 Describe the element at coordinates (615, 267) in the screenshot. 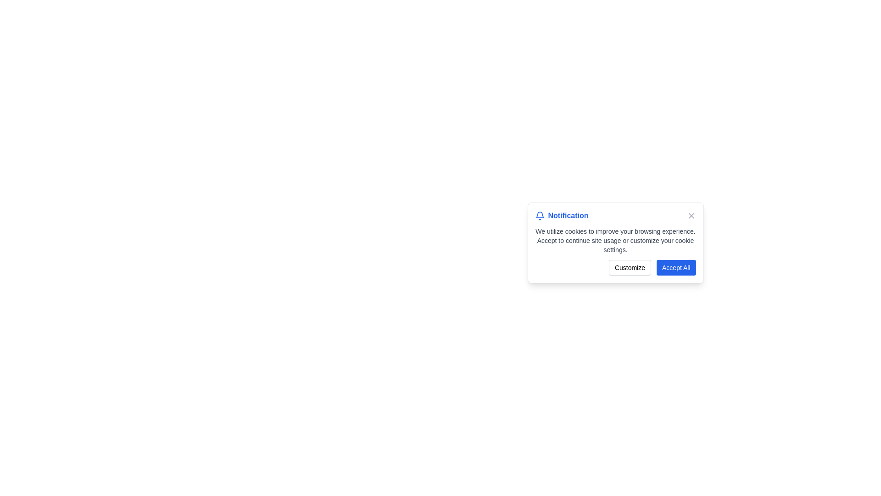

I see `the cookie preferences customization button located in the bottom right corner of the notification dialog box` at that location.